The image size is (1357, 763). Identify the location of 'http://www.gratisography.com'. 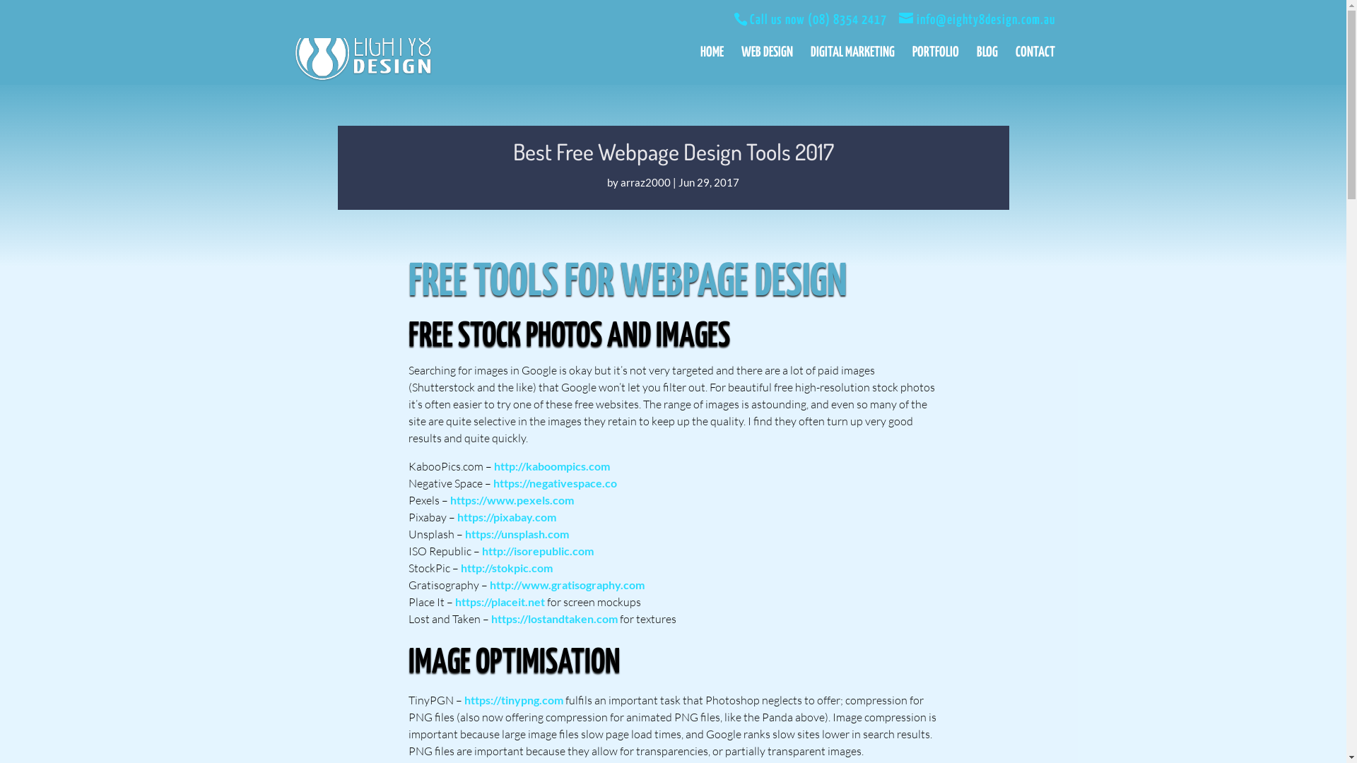
(566, 584).